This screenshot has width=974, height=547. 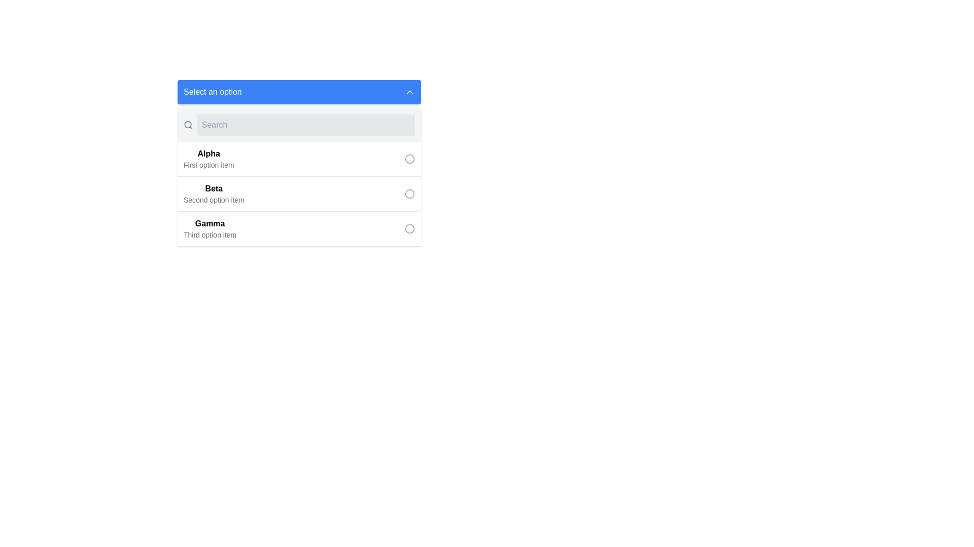 What do you see at coordinates (299, 177) in the screenshot?
I see `the 'Beta' option in the dropdown list, which is positioned between 'Alpha' and 'Gamma'` at bounding box center [299, 177].